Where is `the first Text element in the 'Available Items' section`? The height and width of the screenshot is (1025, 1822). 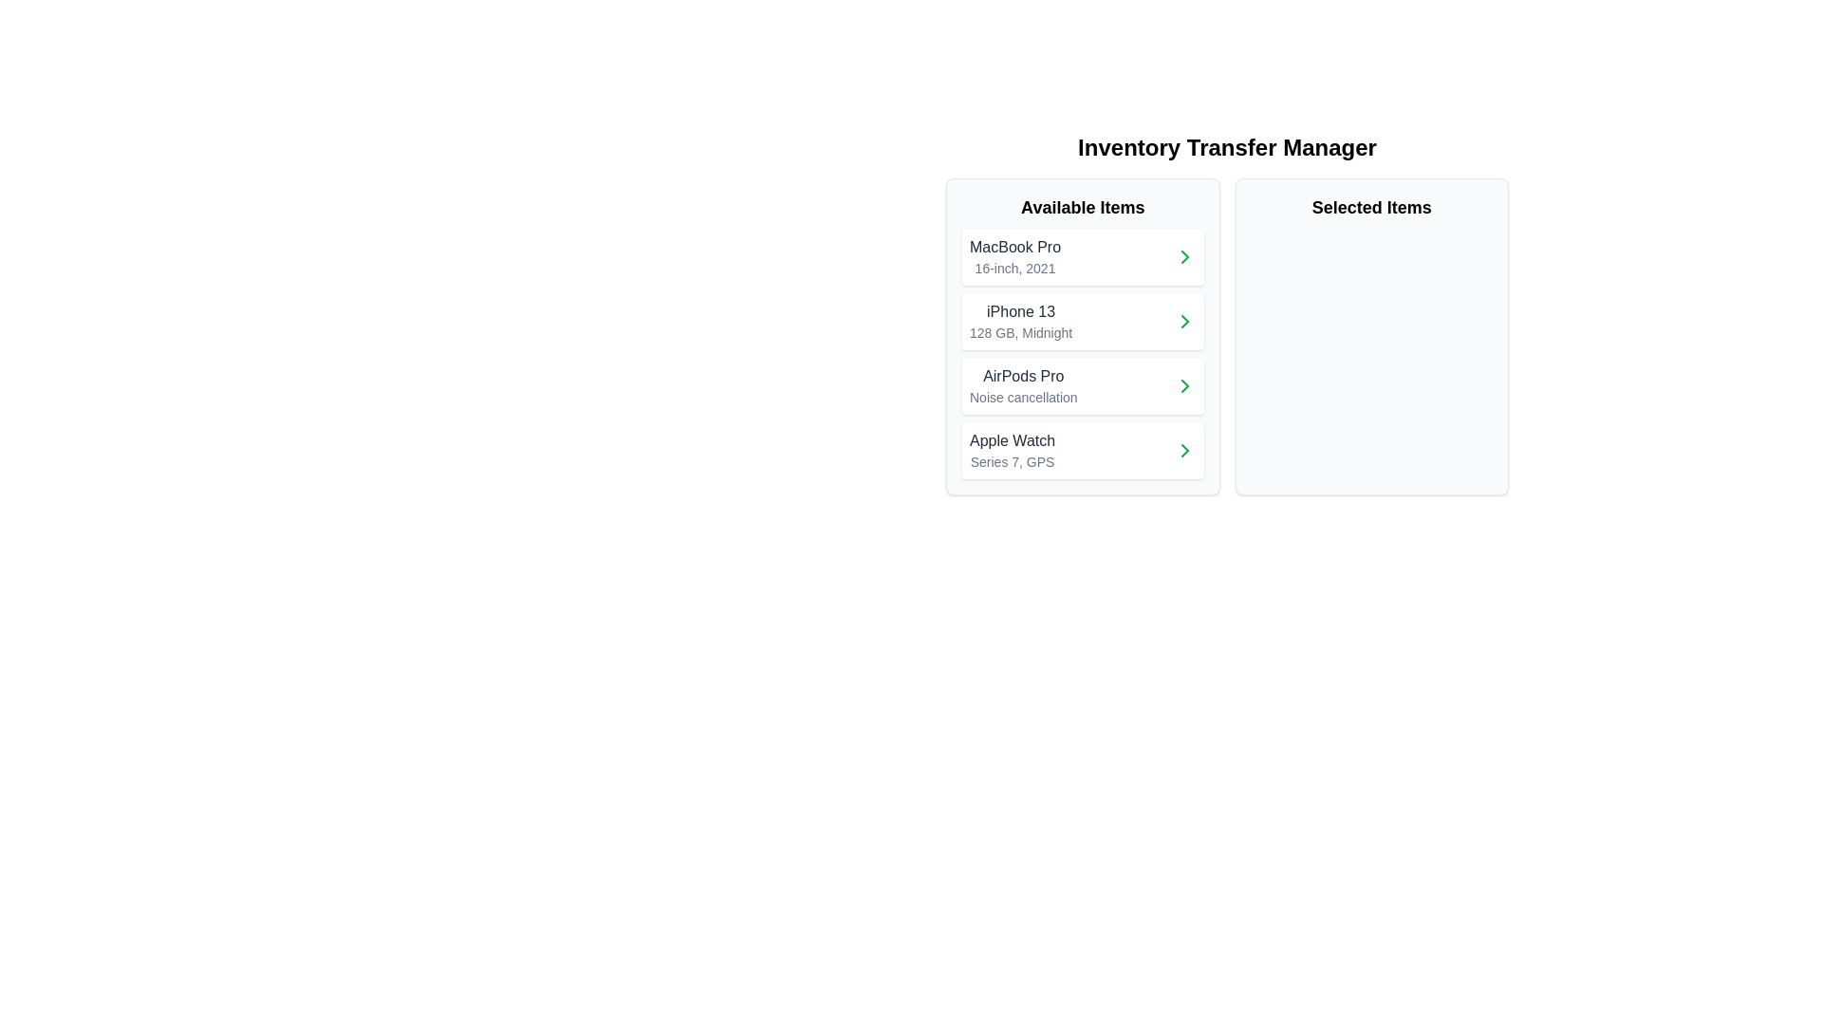
the first Text element in the 'Available Items' section is located at coordinates (1014, 256).